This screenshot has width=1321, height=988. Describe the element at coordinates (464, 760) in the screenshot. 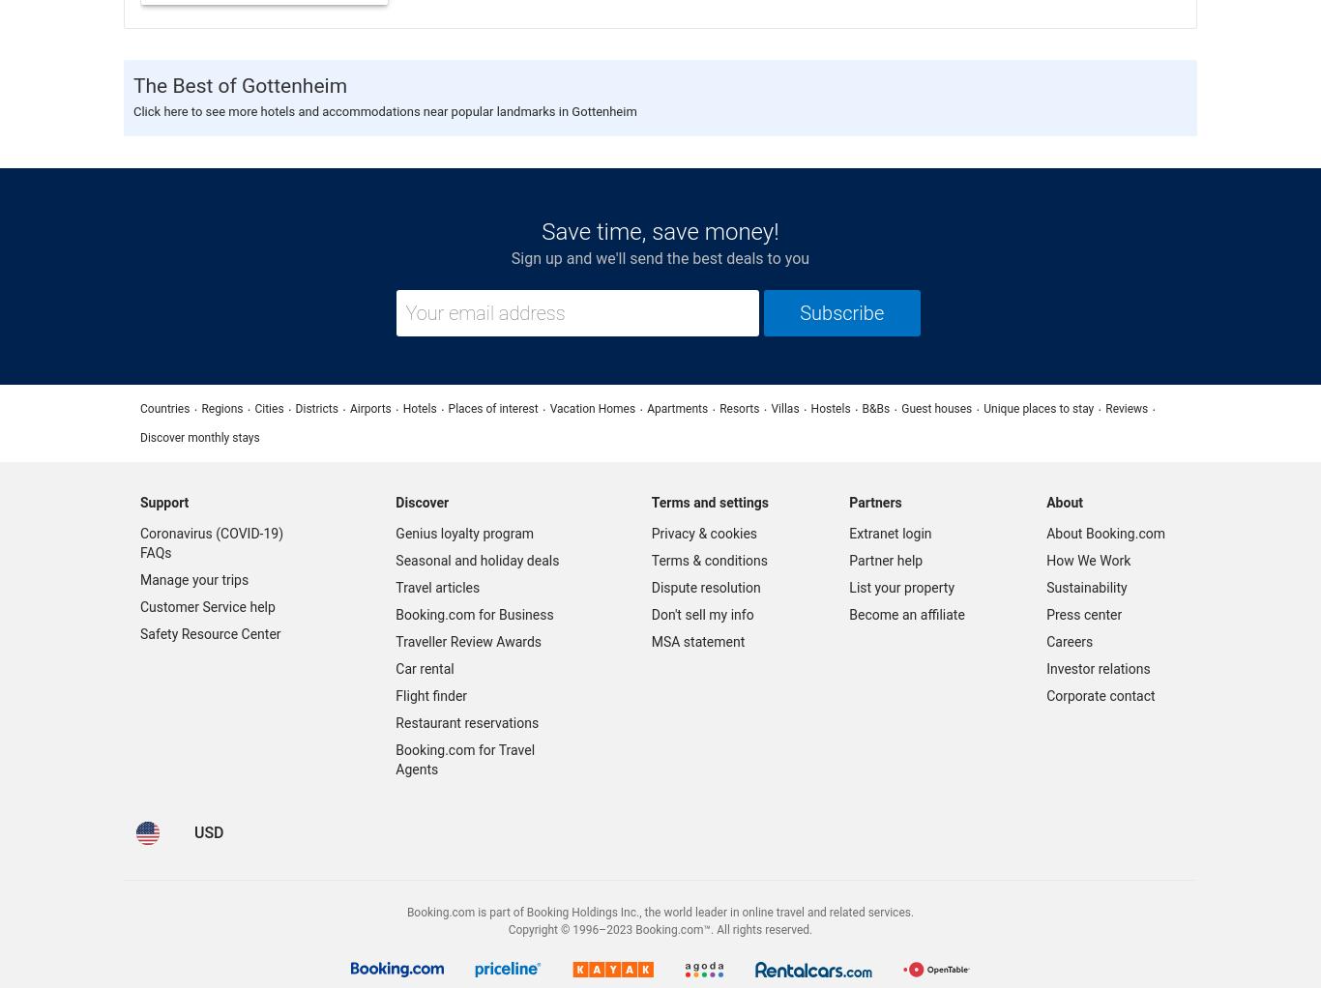

I see `'Booking.com for Travel Agents'` at that location.